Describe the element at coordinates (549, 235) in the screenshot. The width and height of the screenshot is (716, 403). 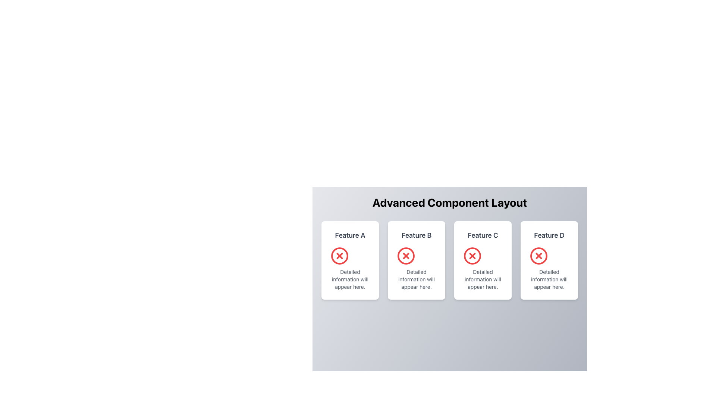
I see `text content of the 'Feature D' label, which is styled in bold and appears at the top of the fourth card in a horizontal layout under 'Advanced Component Layout'` at that location.